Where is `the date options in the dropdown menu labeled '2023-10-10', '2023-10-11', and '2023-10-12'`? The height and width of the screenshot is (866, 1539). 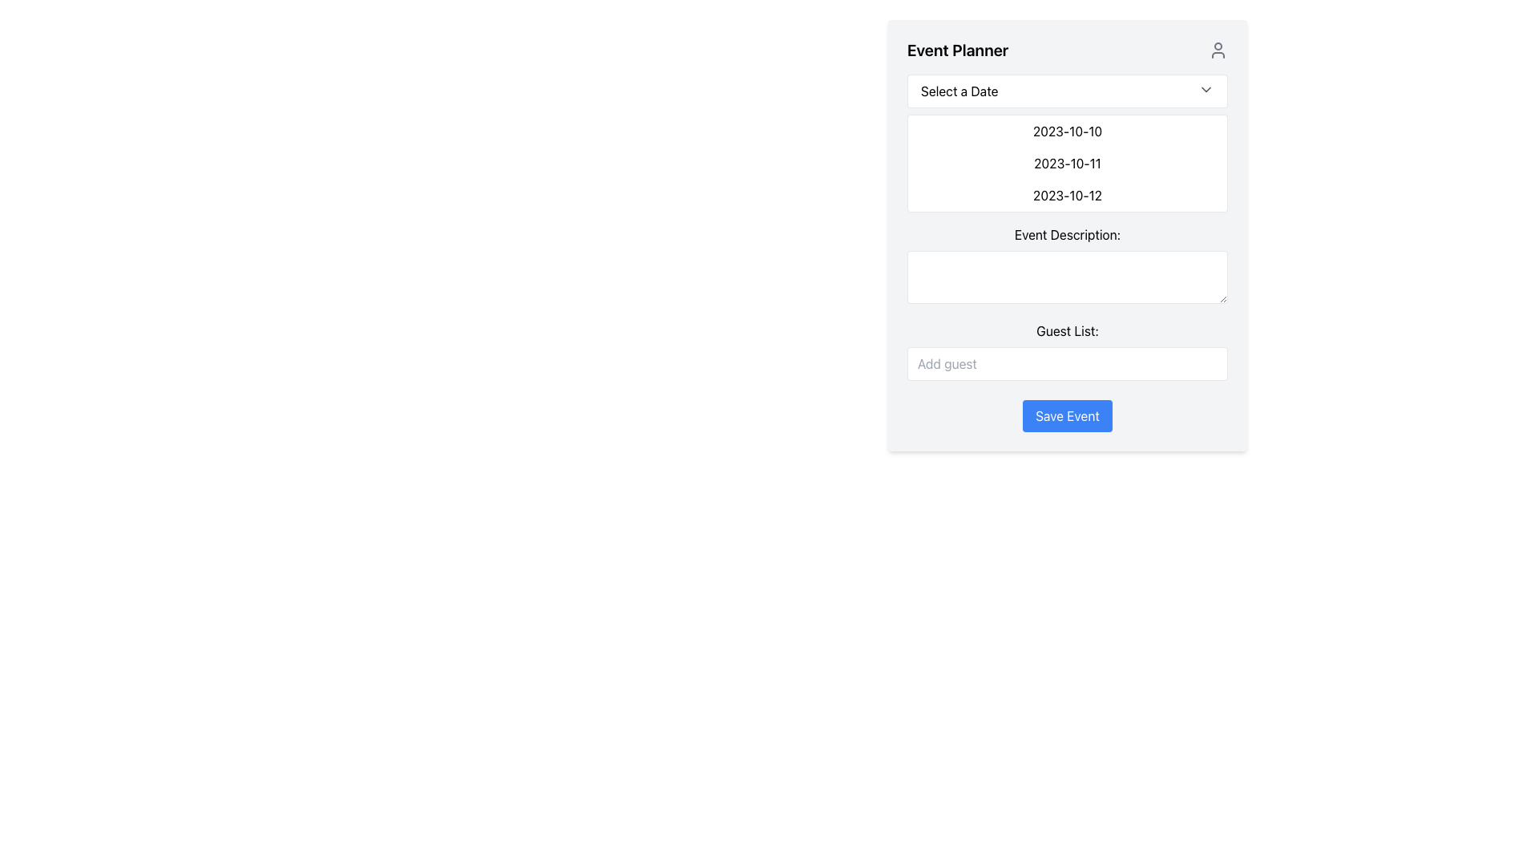
the date options in the dropdown menu labeled '2023-10-10', '2023-10-11', and '2023-10-12' is located at coordinates (1067, 142).